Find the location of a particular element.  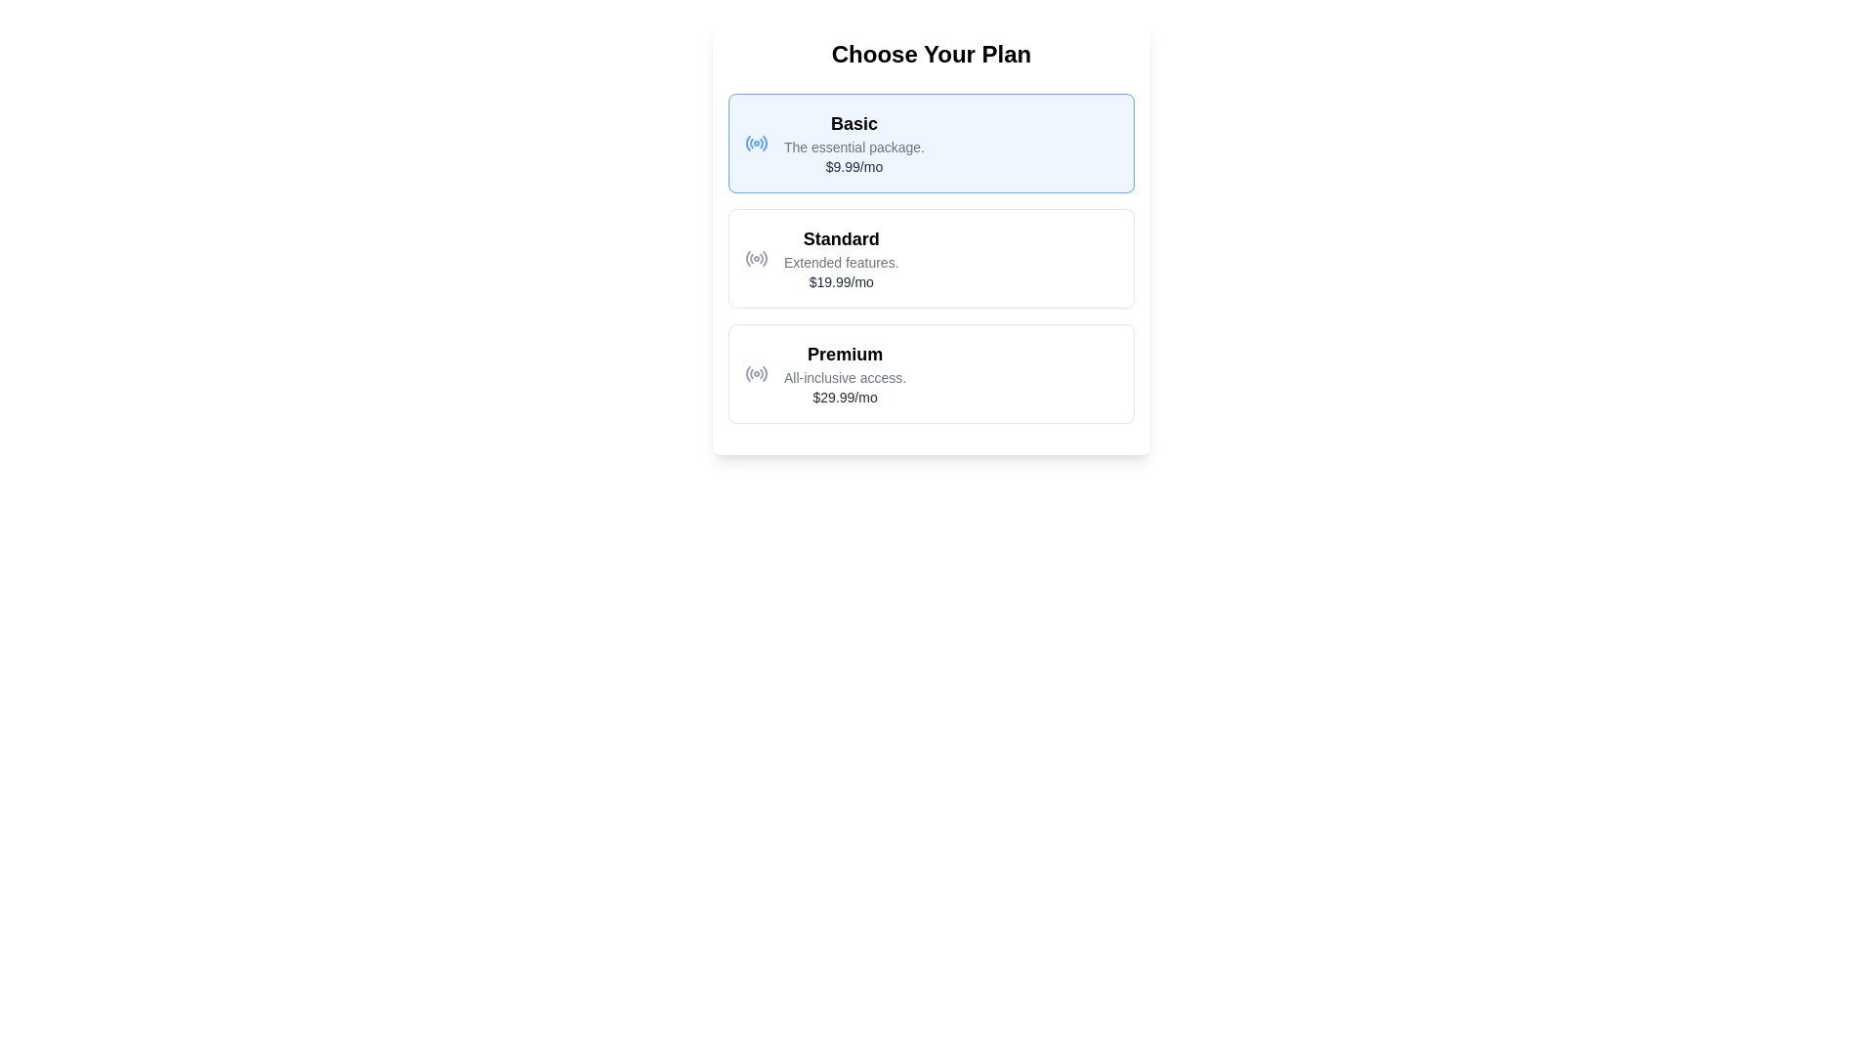

the 'Standard' plan radio button is located at coordinates (931, 258).